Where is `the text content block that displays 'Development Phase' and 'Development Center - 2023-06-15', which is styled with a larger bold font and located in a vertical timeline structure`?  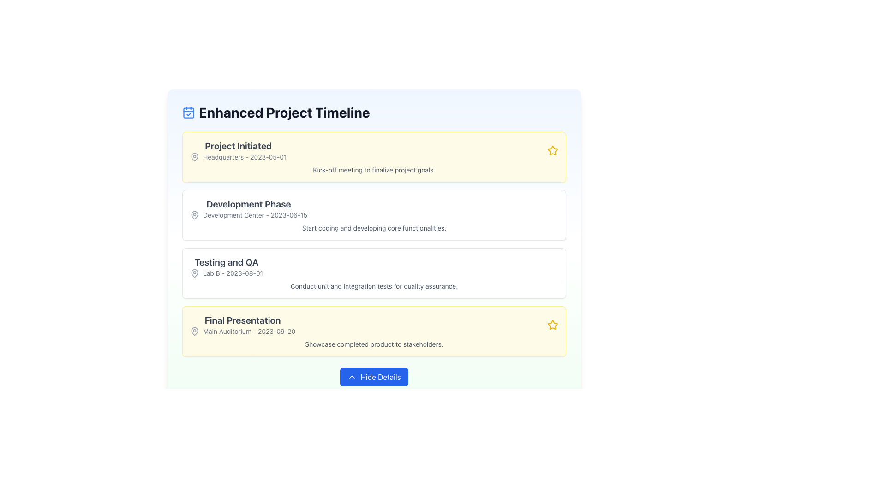 the text content block that displays 'Development Phase' and 'Development Center - 2023-06-15', which is styled with a larger bold font and located in a vertical timeline structure is located at coordinates (248, 208).